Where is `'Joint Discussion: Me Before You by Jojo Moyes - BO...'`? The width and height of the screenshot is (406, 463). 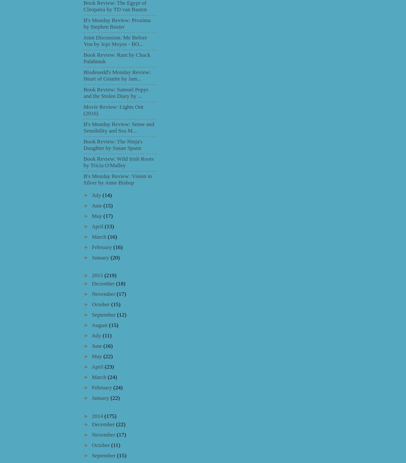 'Joint Discussion: Me Before You by Jojo Moyes - BO...' is located at coordinates (115, 40).